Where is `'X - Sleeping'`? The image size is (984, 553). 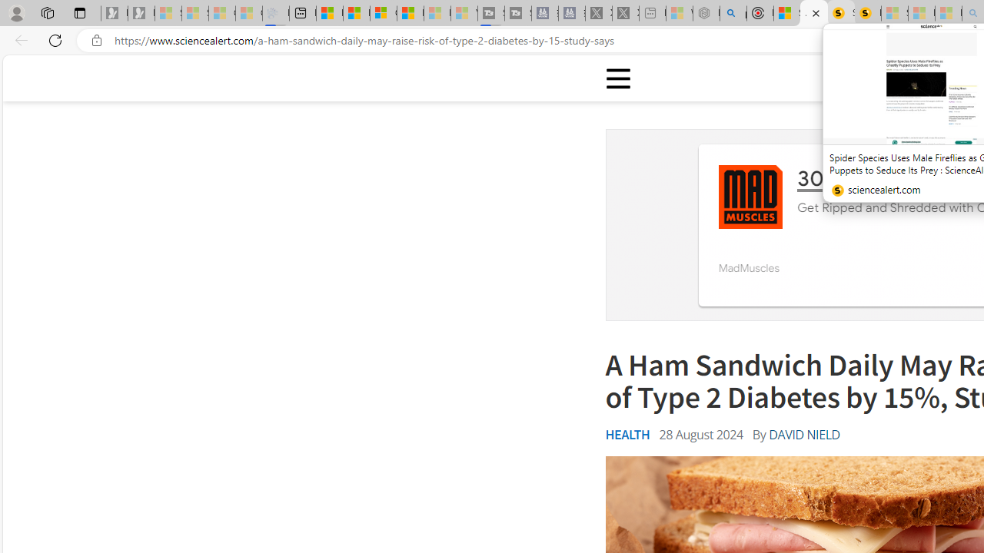 'X - Sleeping' is located at coordinates (626, 13).